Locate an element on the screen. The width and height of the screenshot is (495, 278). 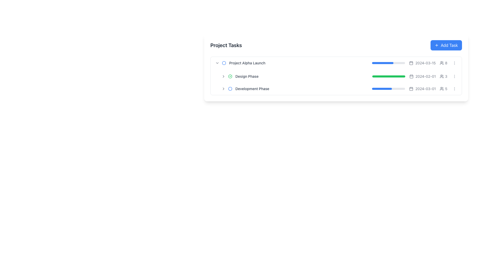
progress level is located at coordinates (395, 76).